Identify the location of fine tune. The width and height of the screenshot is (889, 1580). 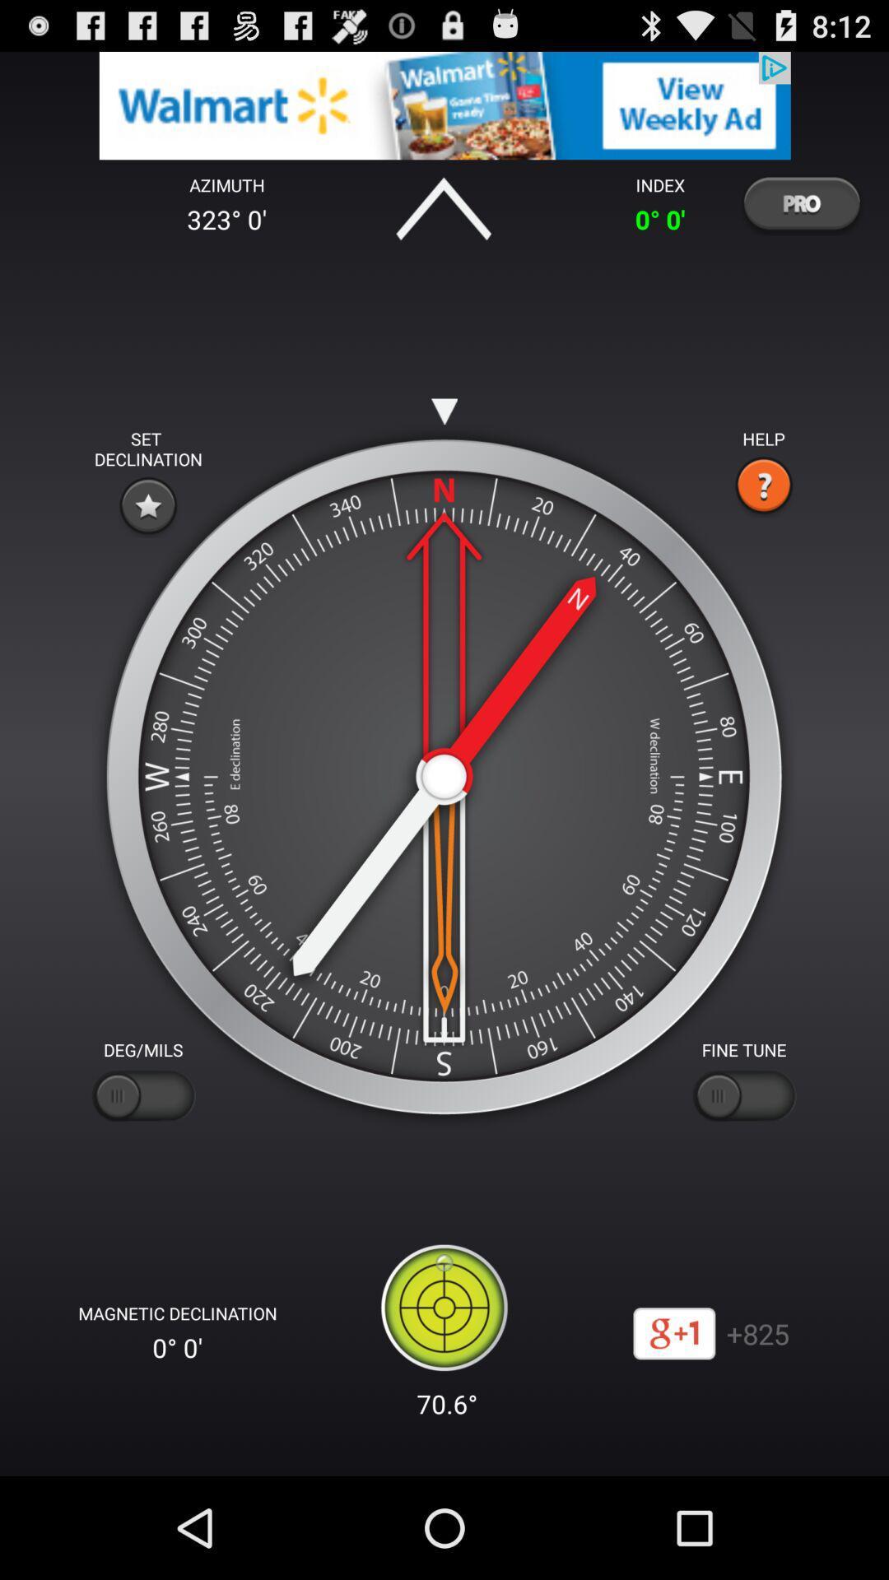
(744, 1096).